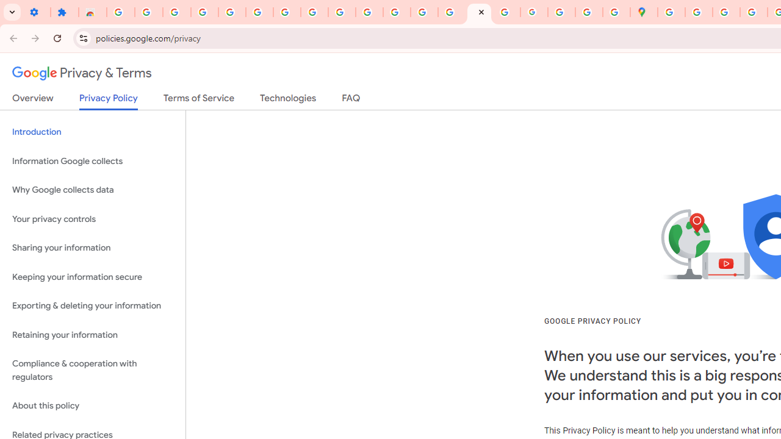 The image size is (781, 439). I want to click on 'Keeping your information secure', so click(92, 277).